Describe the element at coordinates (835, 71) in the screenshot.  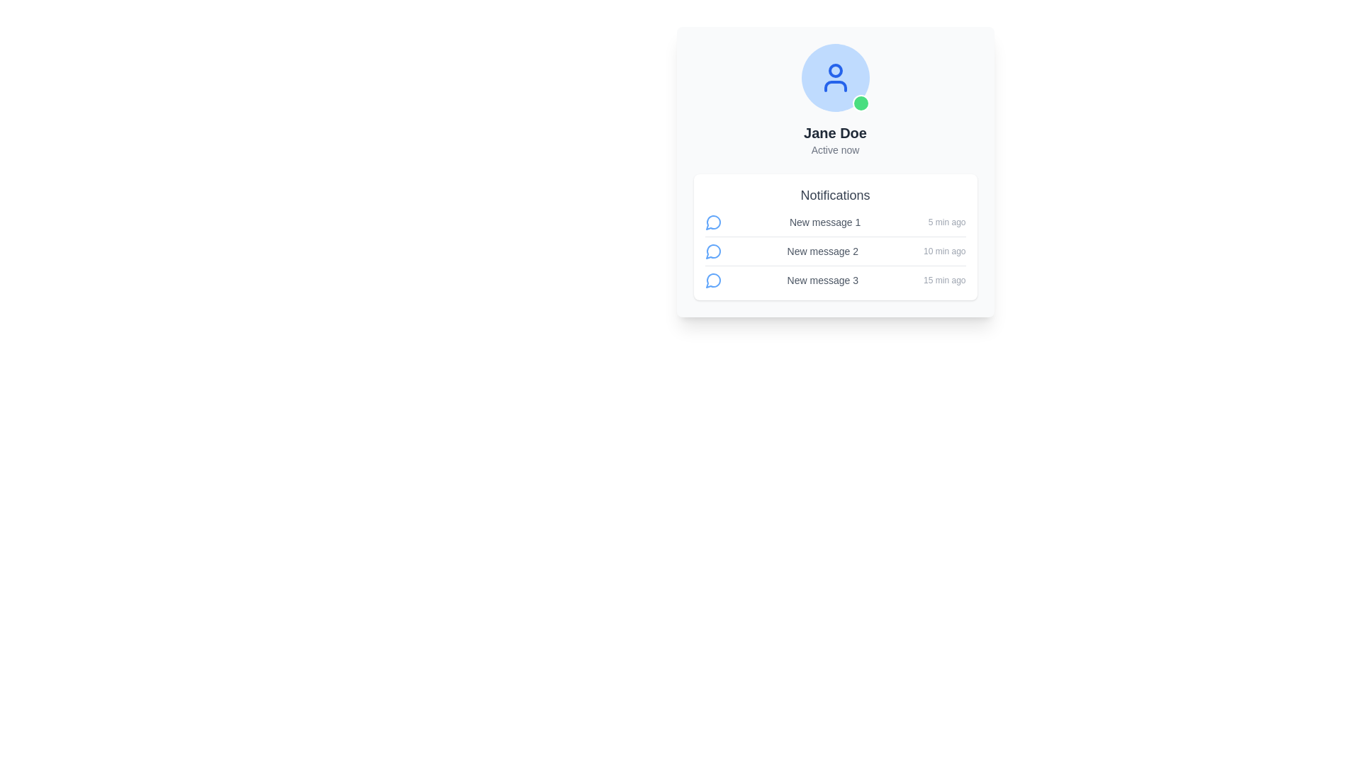
I see `the circular shape within the SVG user icon, which represents a feature of the user icon, located at the top section of the user card` at that location.